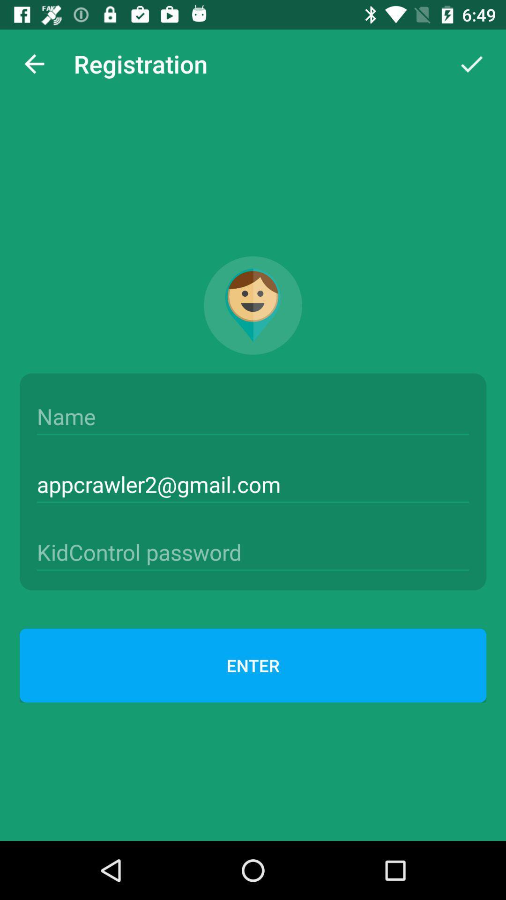  Describe the element at coordinates (253, 553) in the screenshot. I see `password` at that location.